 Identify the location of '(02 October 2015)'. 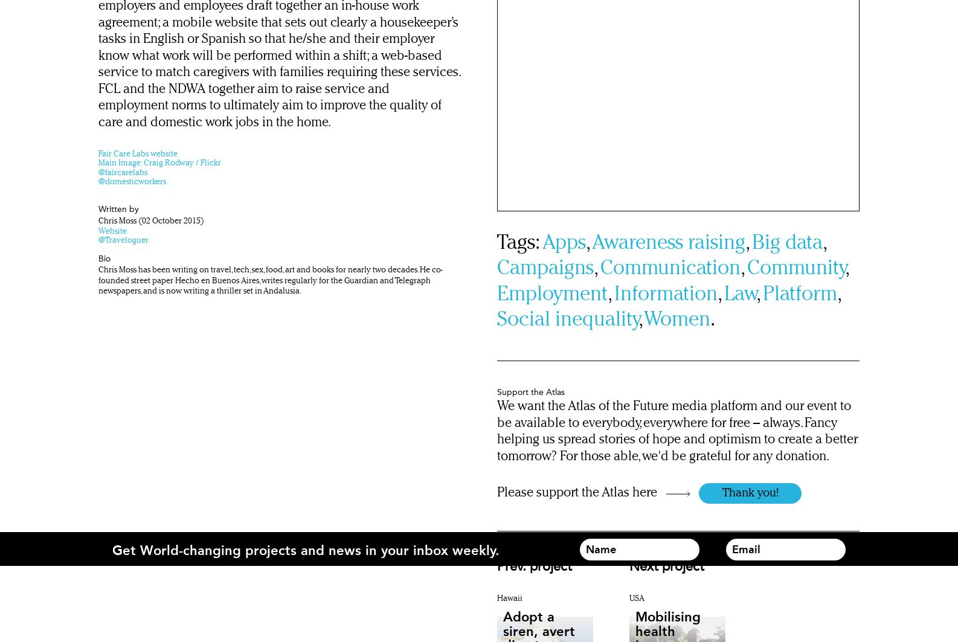
(138, 220).